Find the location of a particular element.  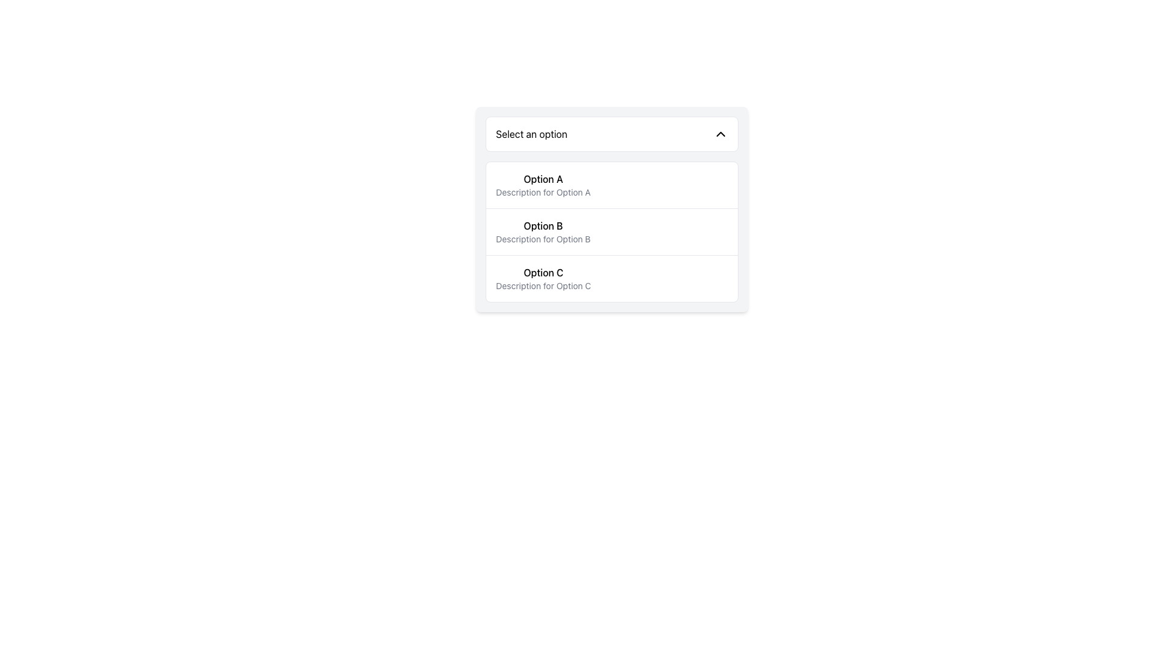

the Dropdown menu list item that displays 'Option A' and 'Description for Option A' is located at coordinates (542, 185).